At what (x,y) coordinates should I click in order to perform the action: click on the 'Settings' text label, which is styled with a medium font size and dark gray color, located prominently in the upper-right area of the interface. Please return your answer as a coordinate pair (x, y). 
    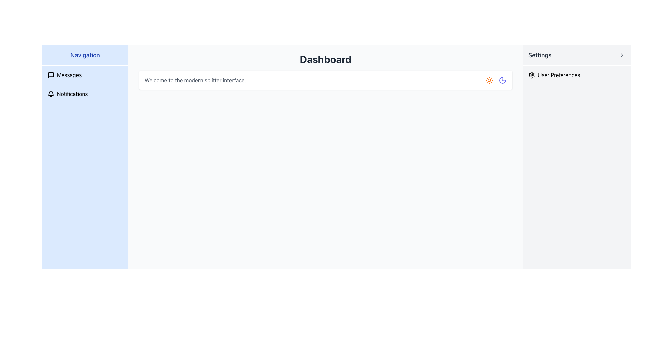
    Looking at the image, I should click on (540, 55).